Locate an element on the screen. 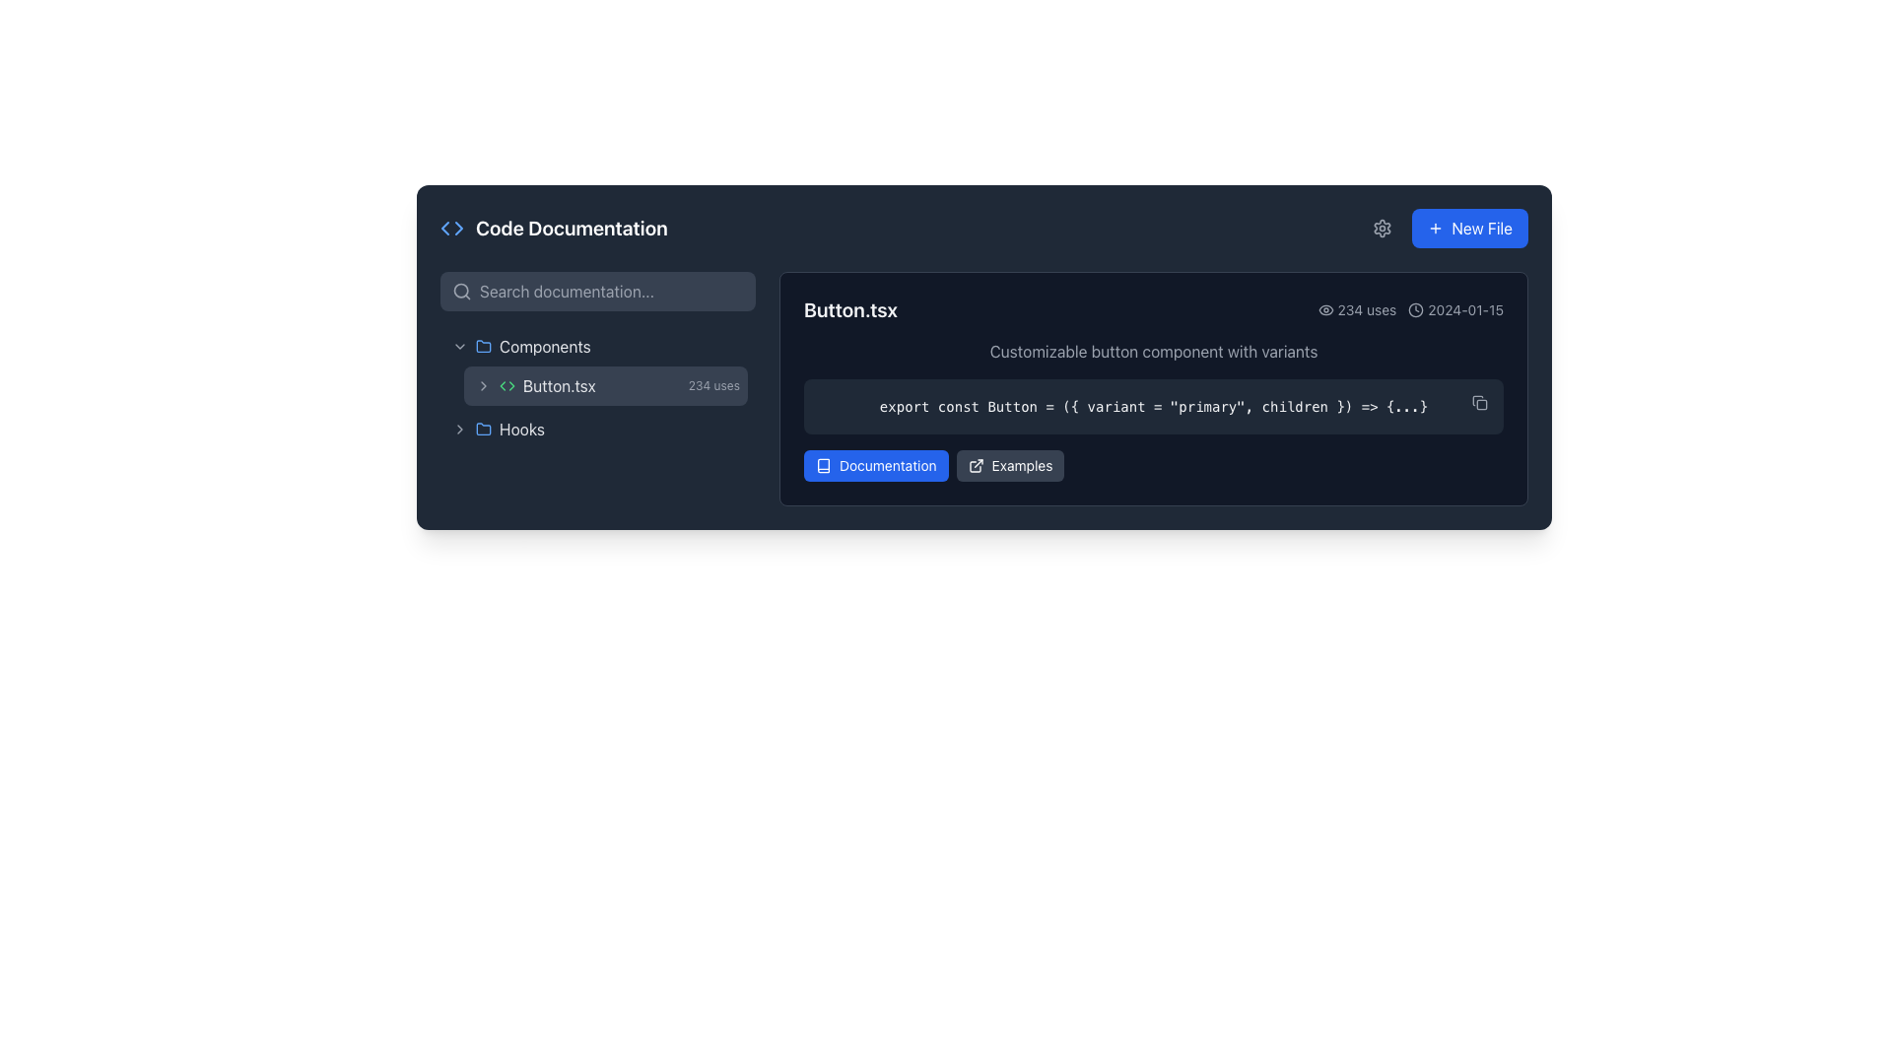 Image resolution: width=1892 pixels, height=1064 pixels. the left chevron icon in the navigation section is located at coordinates (443, 227).